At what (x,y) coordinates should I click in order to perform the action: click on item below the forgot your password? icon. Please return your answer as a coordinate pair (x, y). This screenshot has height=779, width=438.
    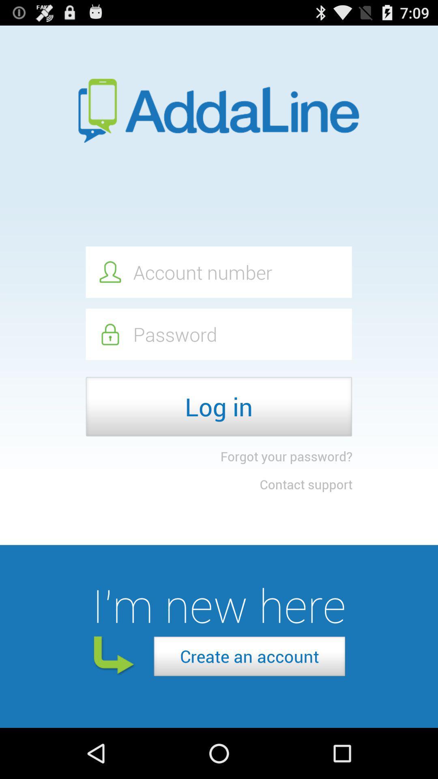
    Looking at the image, I should click on (306, 484).